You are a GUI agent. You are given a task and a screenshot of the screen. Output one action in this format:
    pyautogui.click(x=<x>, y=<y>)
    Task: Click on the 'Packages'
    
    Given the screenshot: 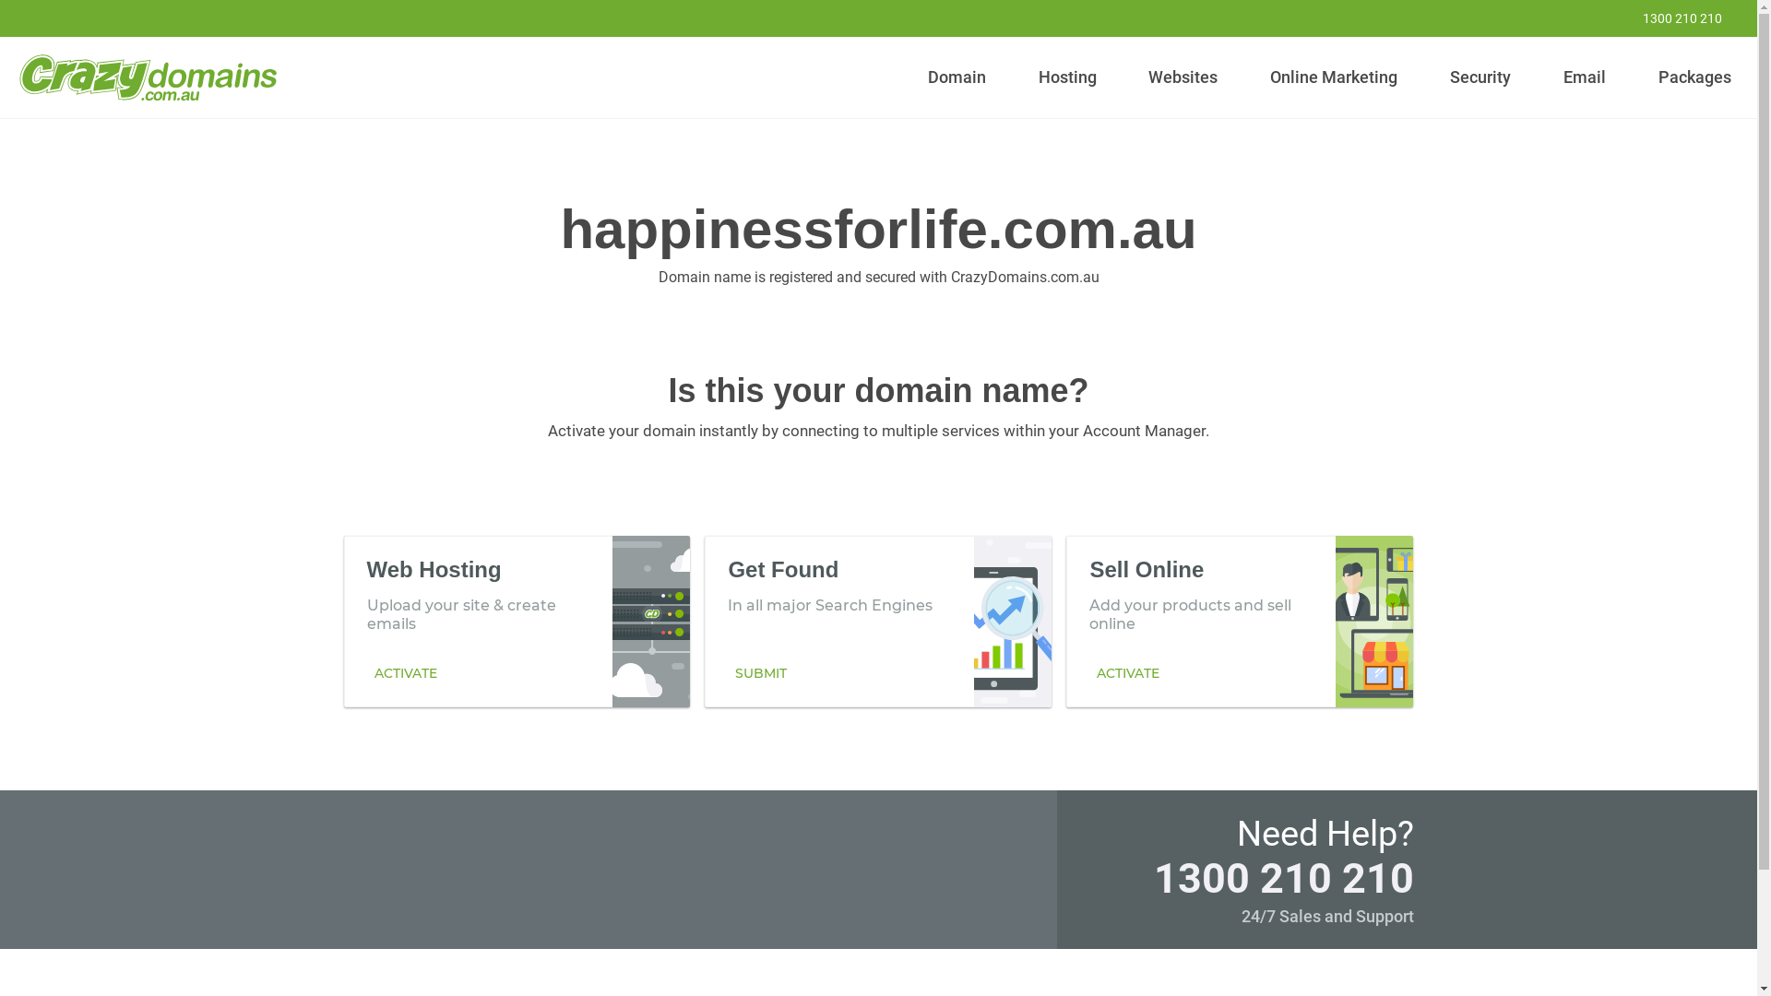 What is the action you would take?
    pyautogui.click(x=1694, y=77)
    